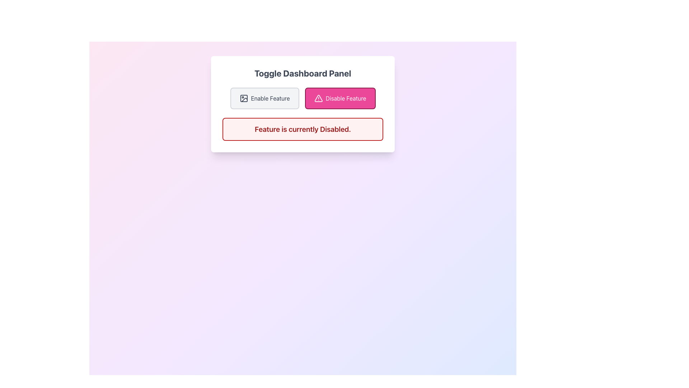 The width and height of the screenshot is (689, 388). What do you see at coordinates (303, 73) in the screenshot?
I see `text label that serves as the title for the dashboard control panel, located at the top of the interface's card component above the 'Enable Feature' and 'Disable Feature' buttons` at bounding box center [303, 73].